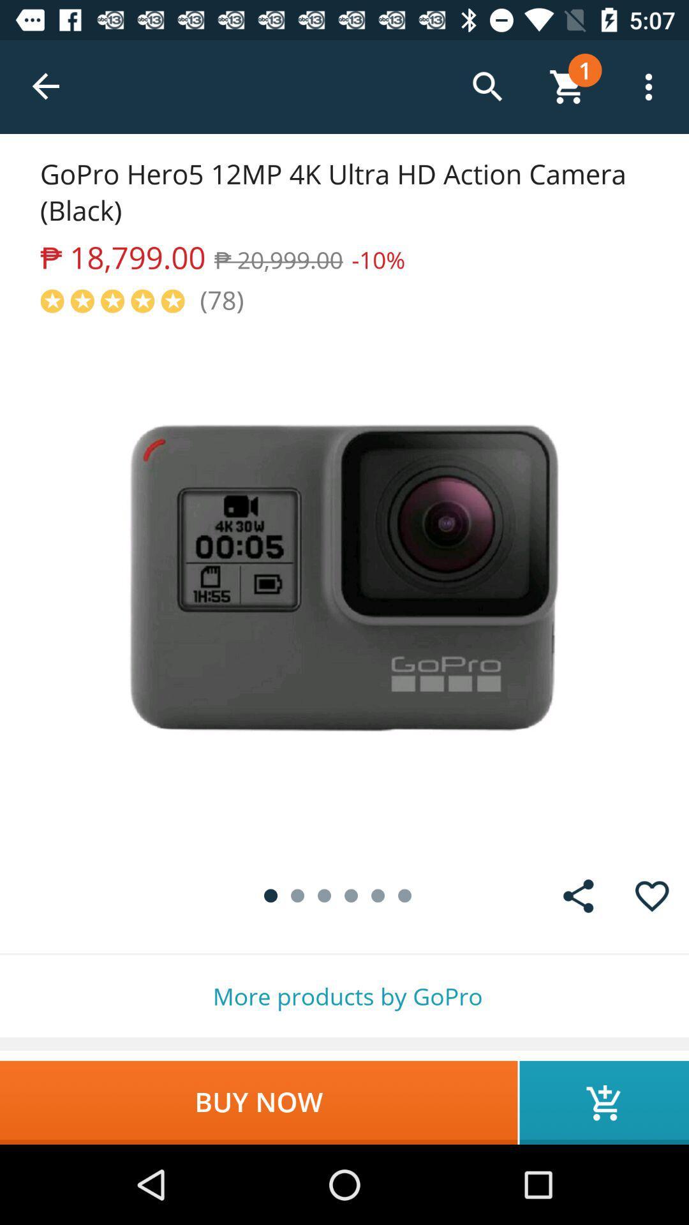 This screenshot has width=689, height=1225. What do you see at coordinates (652, 895) in the screenshot?
I see `the item above more products by` at bounding box center [652, 895].